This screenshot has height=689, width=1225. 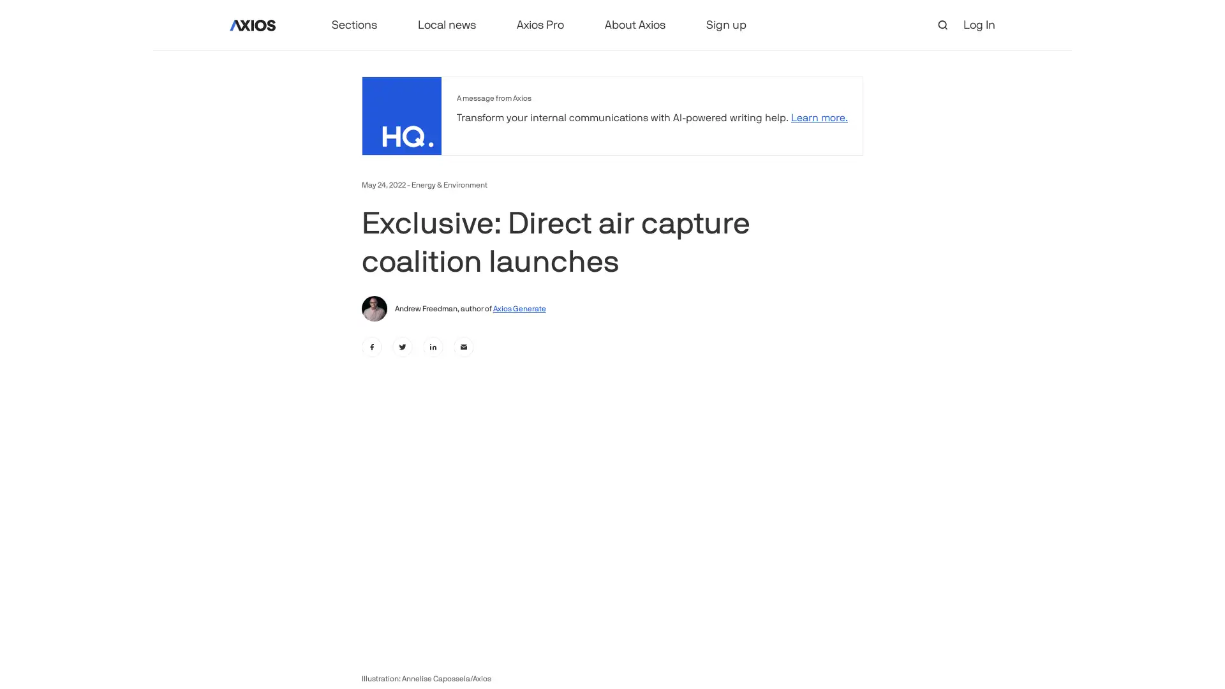 What do you see at coordinates (462, 346) in the screenshot?
I see `email` at bounding box center [462, 346].